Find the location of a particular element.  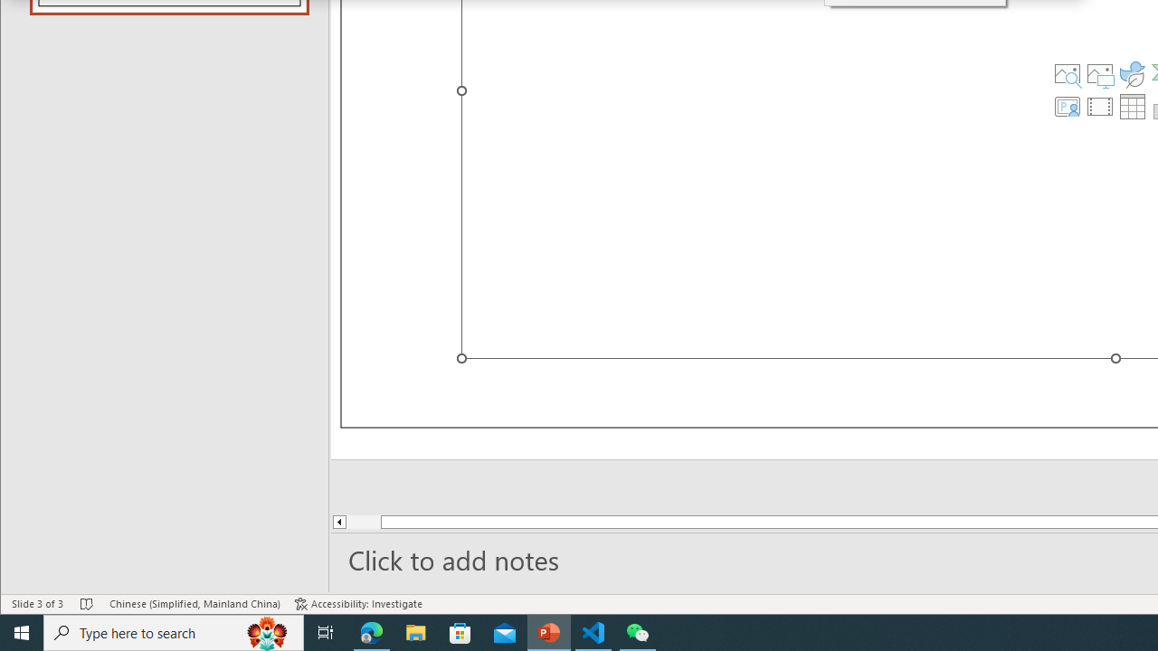

'Microsoft Edge - 1 running window' is located at coordinates (371, 631).